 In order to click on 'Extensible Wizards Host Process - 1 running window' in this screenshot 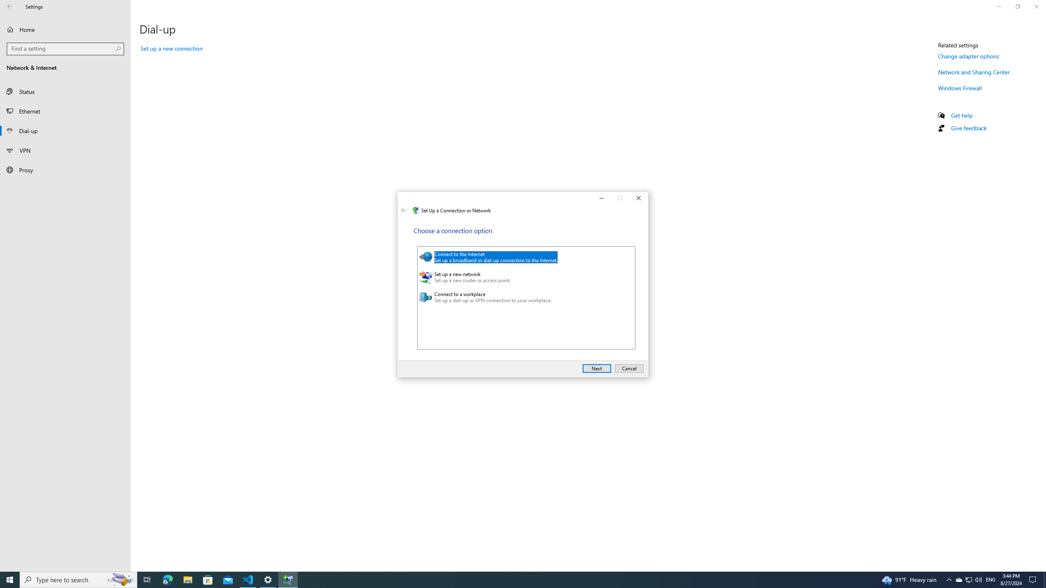, I will do `click(288, 579)`.